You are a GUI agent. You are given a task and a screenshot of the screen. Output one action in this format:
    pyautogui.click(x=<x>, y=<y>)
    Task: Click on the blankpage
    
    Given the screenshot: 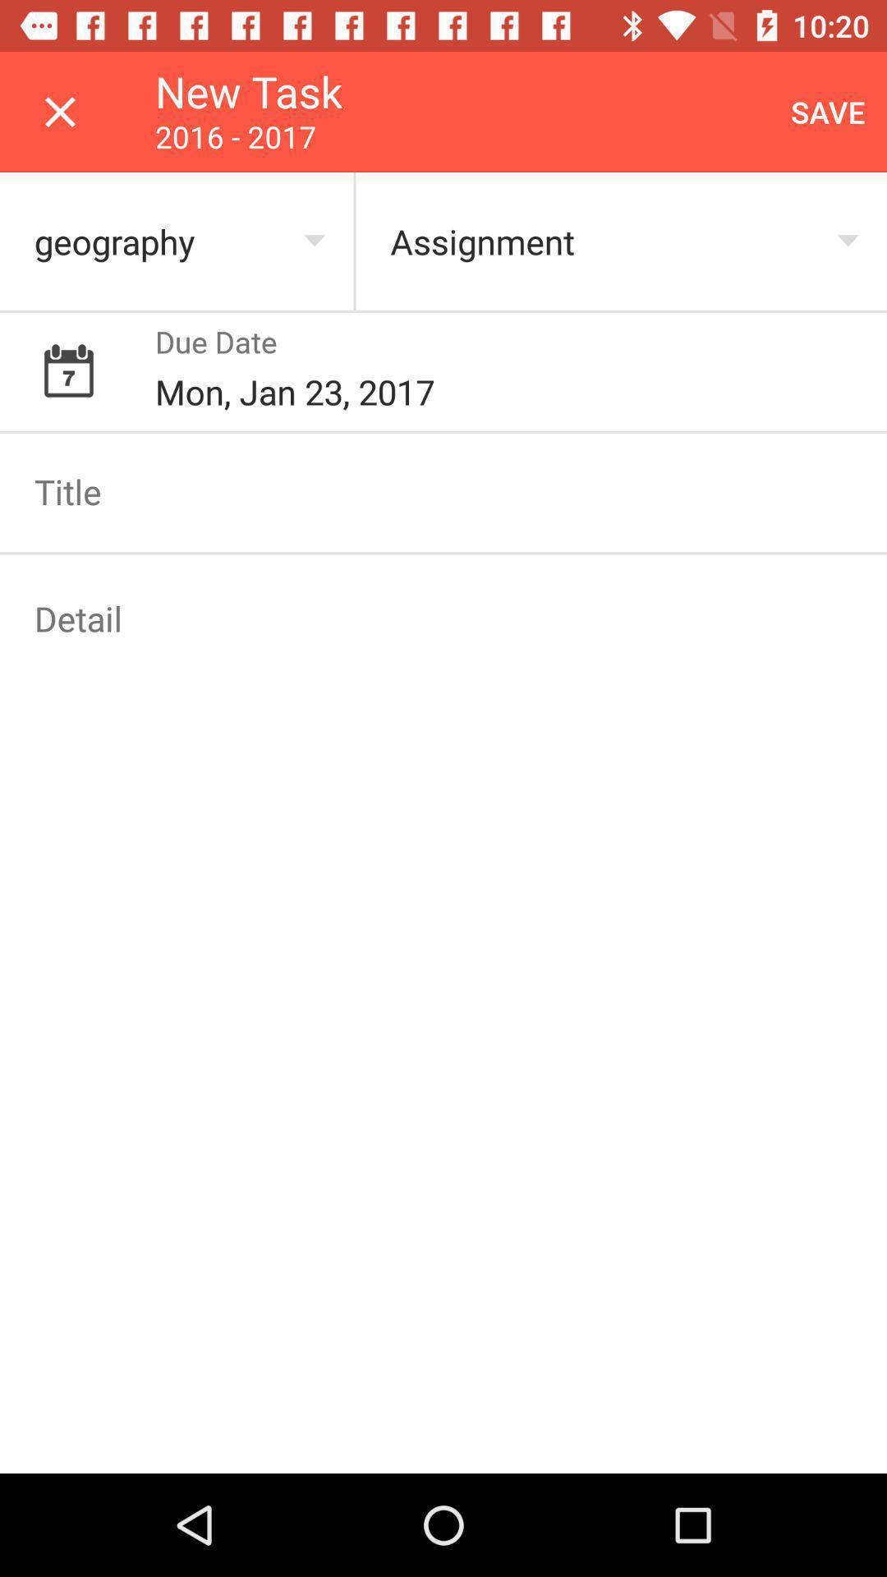 What is the action you would take?
    pyautogui.click(x=443, y=618)
    